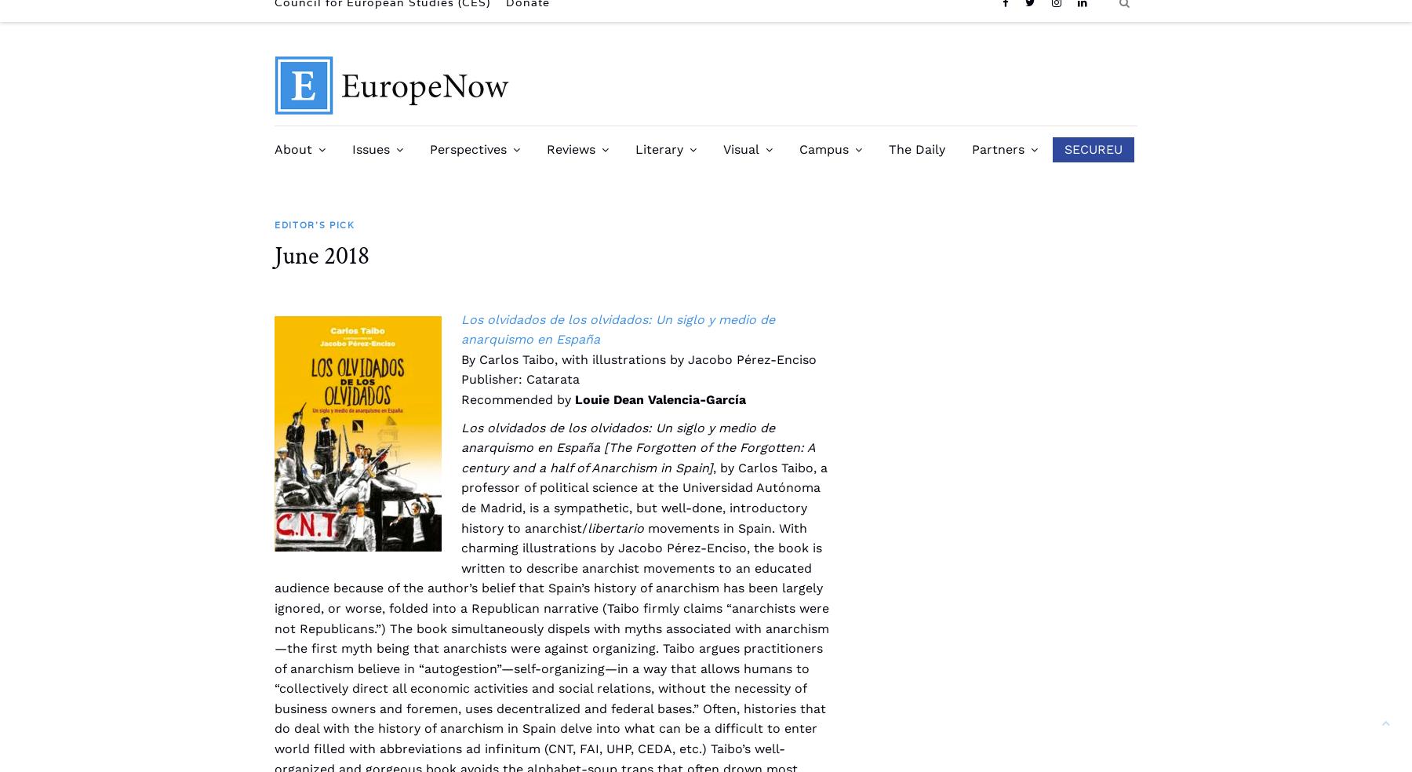  What do you see at coordinates (1092, 149) in the screenshot?
I see `'SECUREU'` at bounding box center [1092, 149].